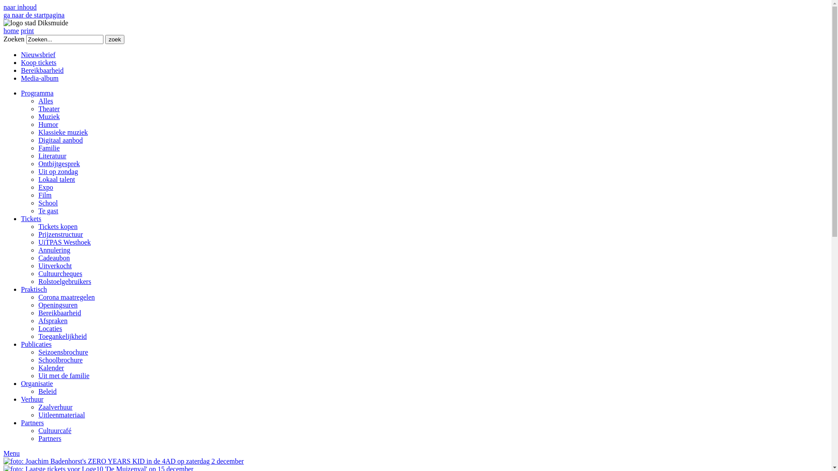 Image resolution: width=838 pixels, height=471 pixels. Describe the element at coordinates (58, 171) in the screenshot. I see `'Uit op zondag'` at that location.